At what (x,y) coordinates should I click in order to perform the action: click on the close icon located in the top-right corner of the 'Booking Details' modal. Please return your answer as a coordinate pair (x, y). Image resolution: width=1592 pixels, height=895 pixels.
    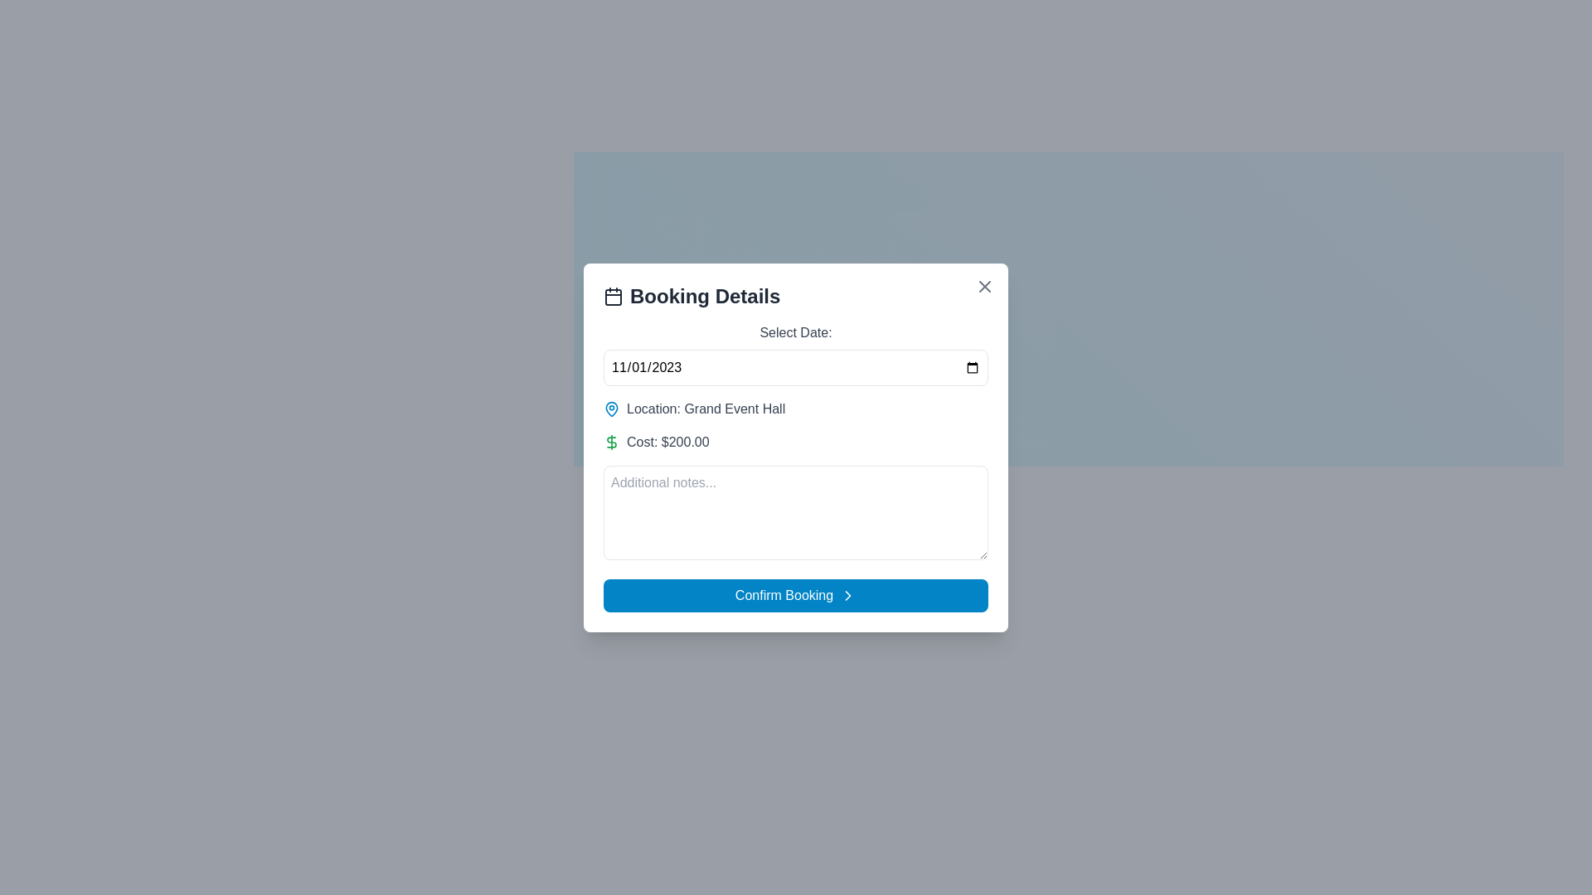
    Looking at the image, I should click on (985, 285).